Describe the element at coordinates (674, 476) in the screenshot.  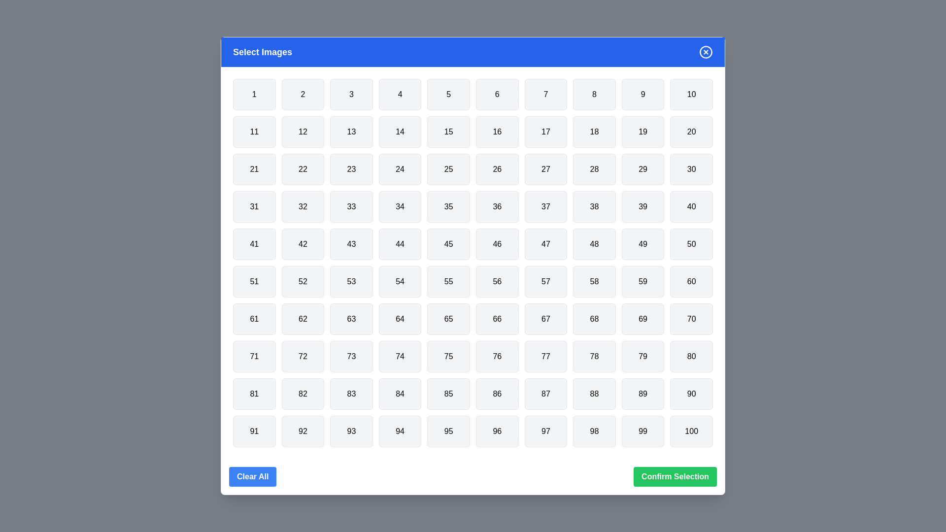
I see `the 'Confirm Selection' button to confirm the selected grid items` at that location.